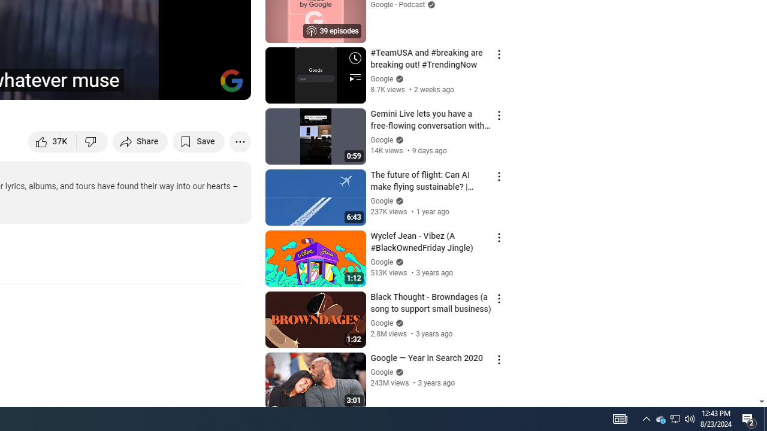 The image size is (767, 431). Describe the element at coordinates (240, 141) in the screenshot. I see `'More actions'` at that location.